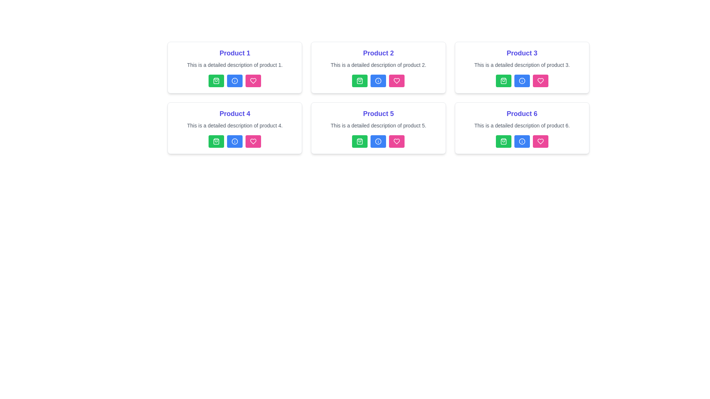 The height and width of the screenshot is (399, 710). What do you see at coordinates (503, 141) in the screenshot?
I see `the green 'shopping bag' icon located on the far left of the button row in the 'Product 6' card` at bounding box center [503, 141].